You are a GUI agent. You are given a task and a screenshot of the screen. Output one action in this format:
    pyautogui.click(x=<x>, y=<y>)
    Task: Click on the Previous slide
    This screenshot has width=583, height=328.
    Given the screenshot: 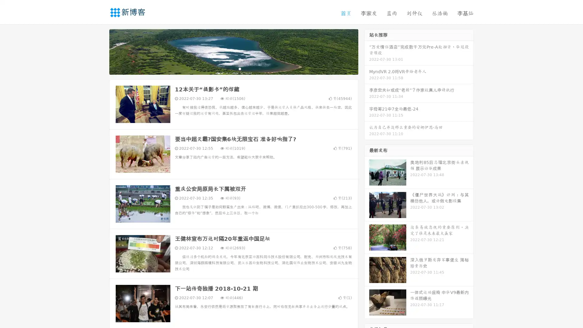 What is the action you would take?
    pyautogui.click(x=100, y=51)
    